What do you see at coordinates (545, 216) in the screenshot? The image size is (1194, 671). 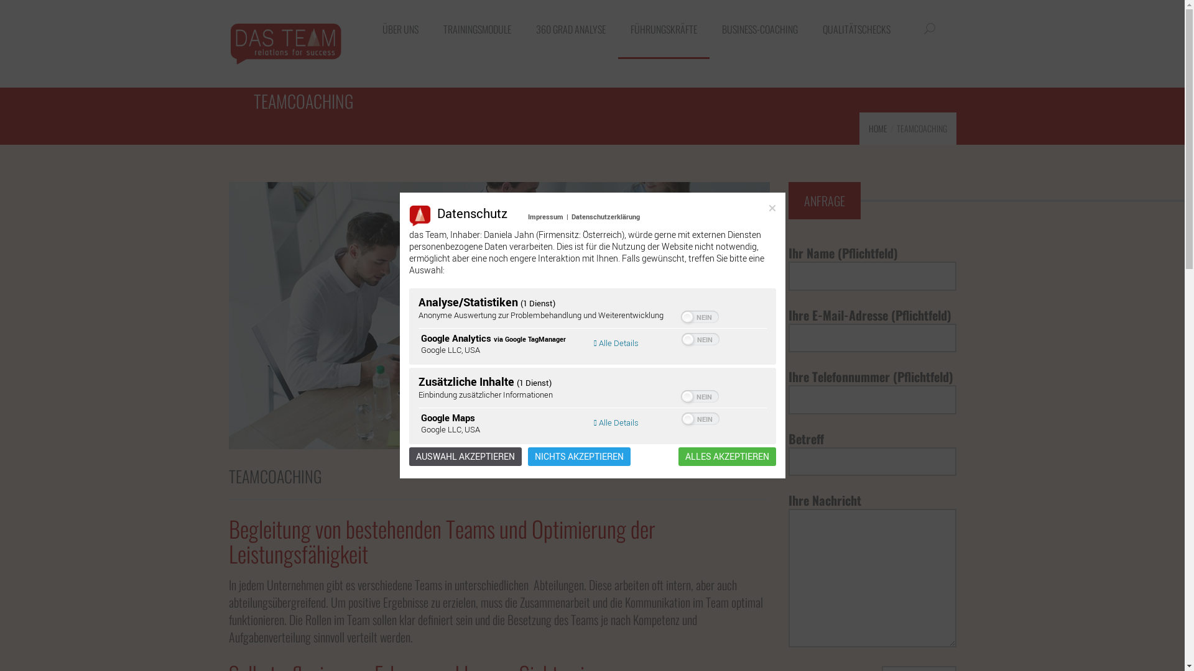 I see `'Impressum'` at bounding box center [545, 216].